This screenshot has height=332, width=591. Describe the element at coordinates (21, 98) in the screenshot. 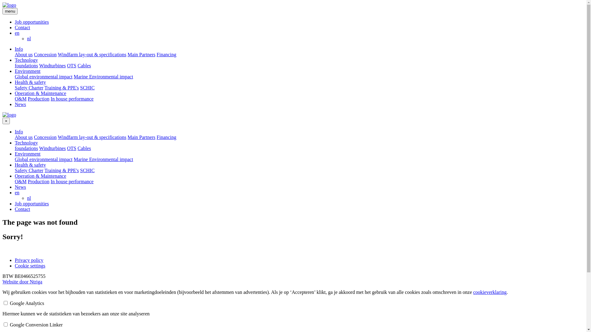

I see `'O&M'` at that location.